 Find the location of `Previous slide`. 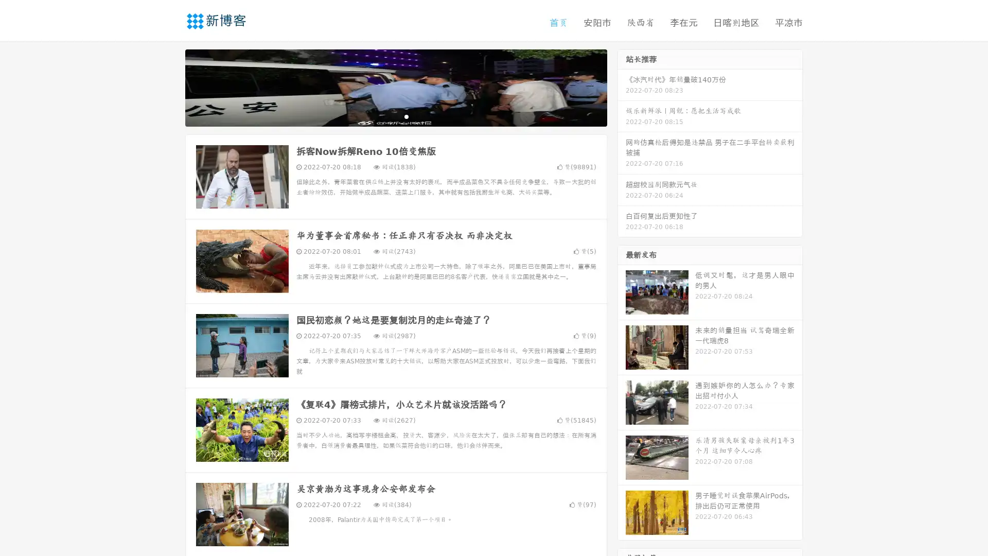

Previous slide is located at coordinates (170, 86).